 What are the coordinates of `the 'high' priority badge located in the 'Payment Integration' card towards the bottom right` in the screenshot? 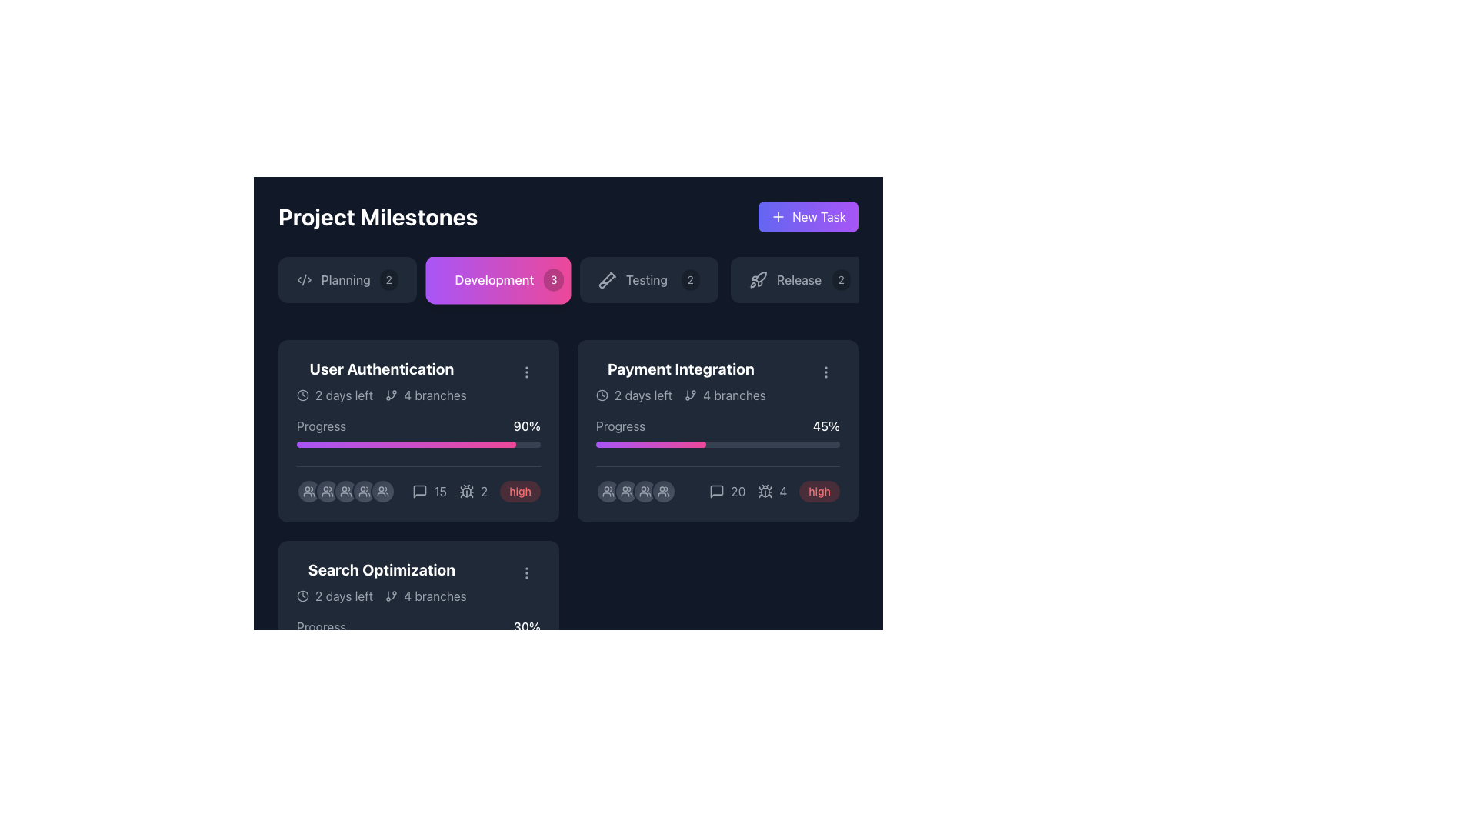 It's located at (819, 492).